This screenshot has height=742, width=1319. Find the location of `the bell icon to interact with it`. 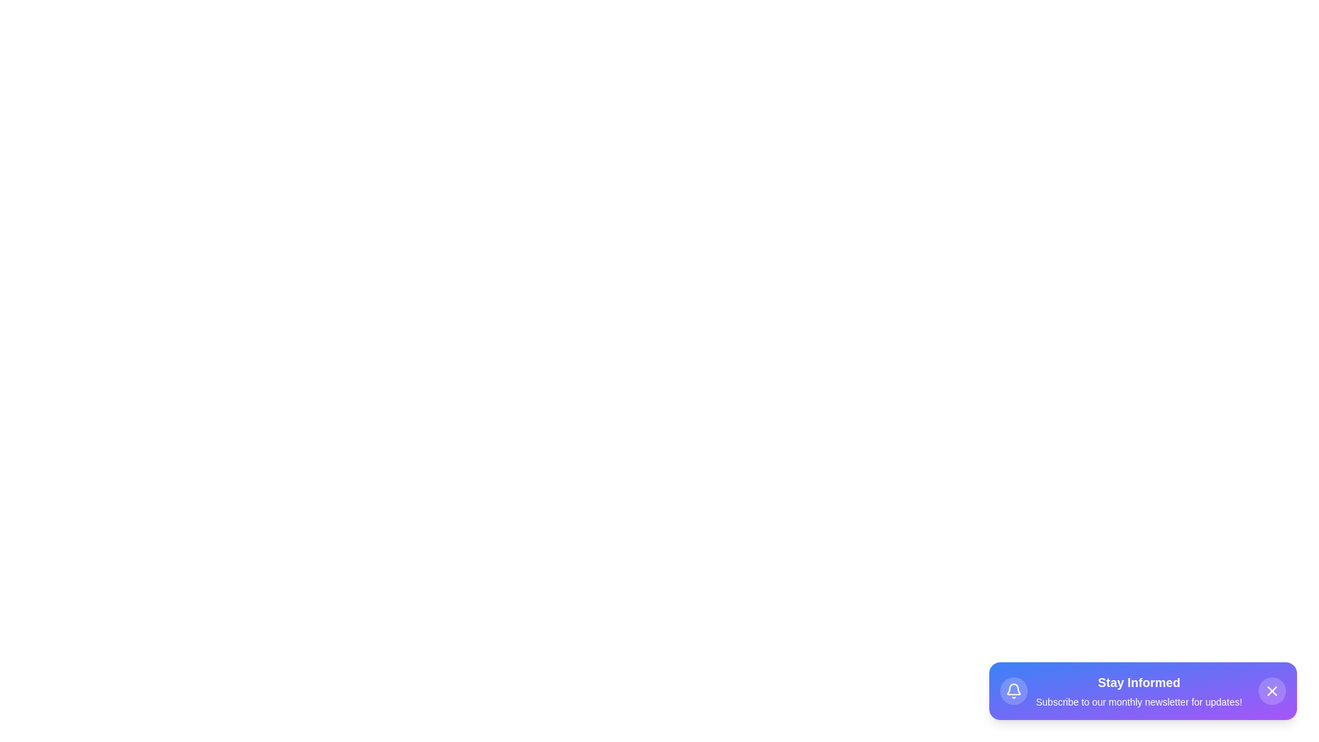

the bell icon to interact with it is located at coordinates (1014, 691).